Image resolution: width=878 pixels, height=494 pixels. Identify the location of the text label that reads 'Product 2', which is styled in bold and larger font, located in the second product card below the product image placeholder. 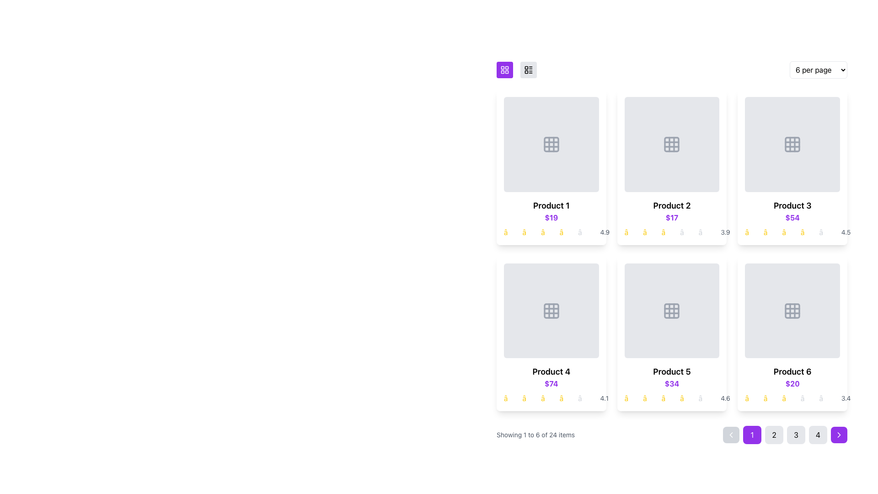
(672, 205).